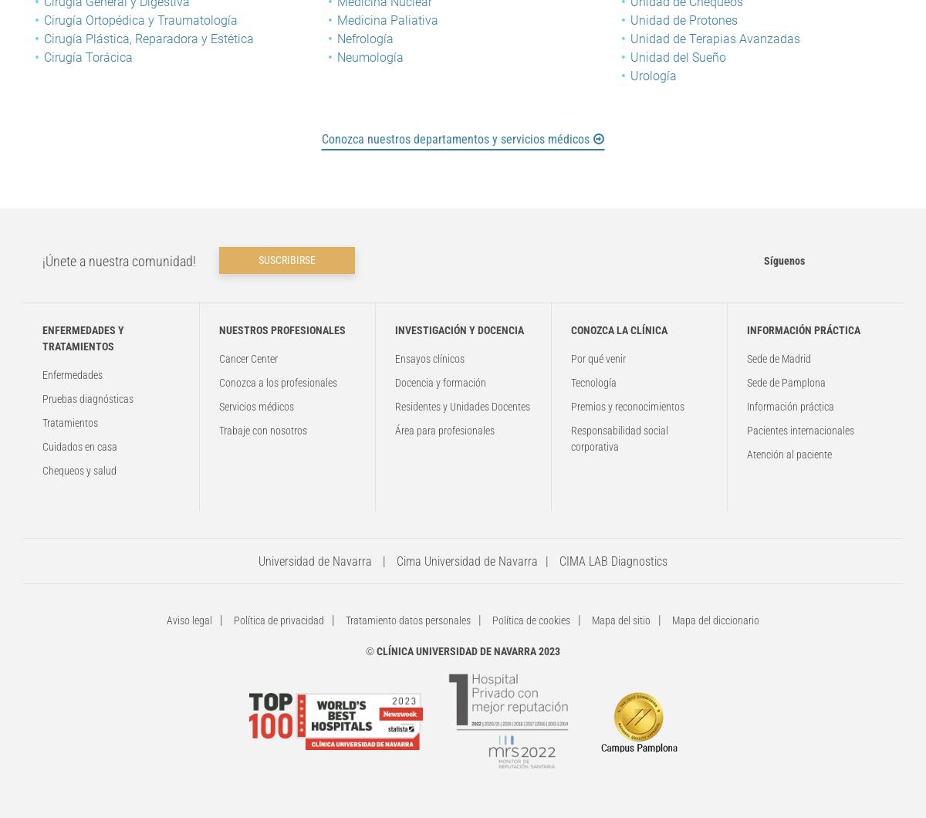  Describe the element at coordinates (364, 39) in the screenshot. I see `'Nefrología'` at that location.